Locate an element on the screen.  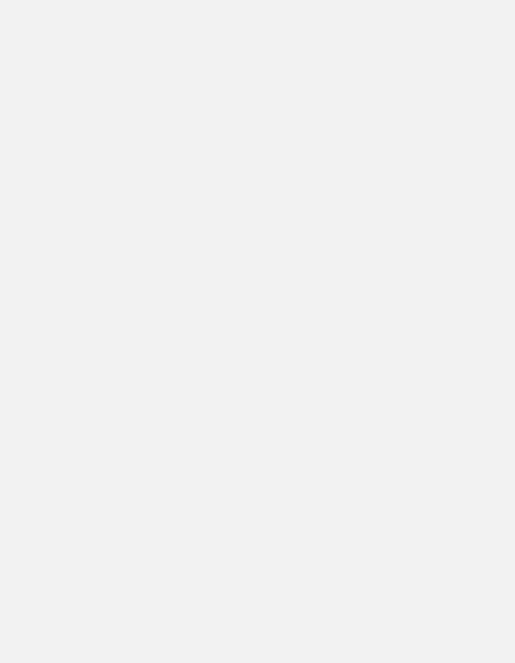
'Arsenal U23 results' is located at coordinates (41, 419).